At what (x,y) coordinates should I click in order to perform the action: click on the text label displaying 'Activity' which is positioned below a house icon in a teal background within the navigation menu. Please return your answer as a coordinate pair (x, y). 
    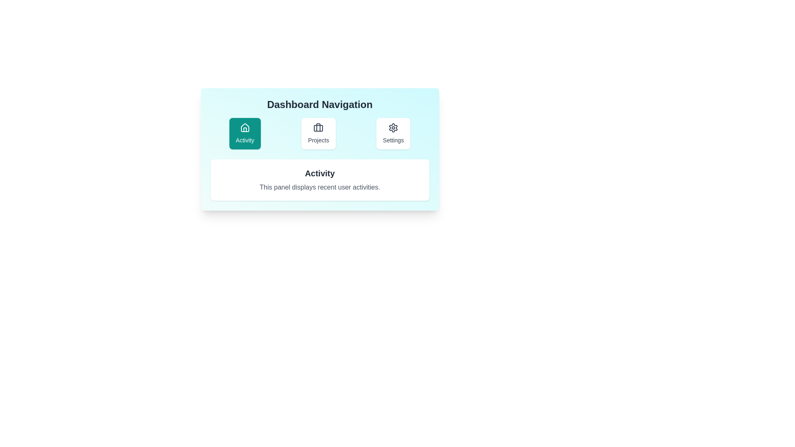
    Looking at the image, I should click on (244, 140).